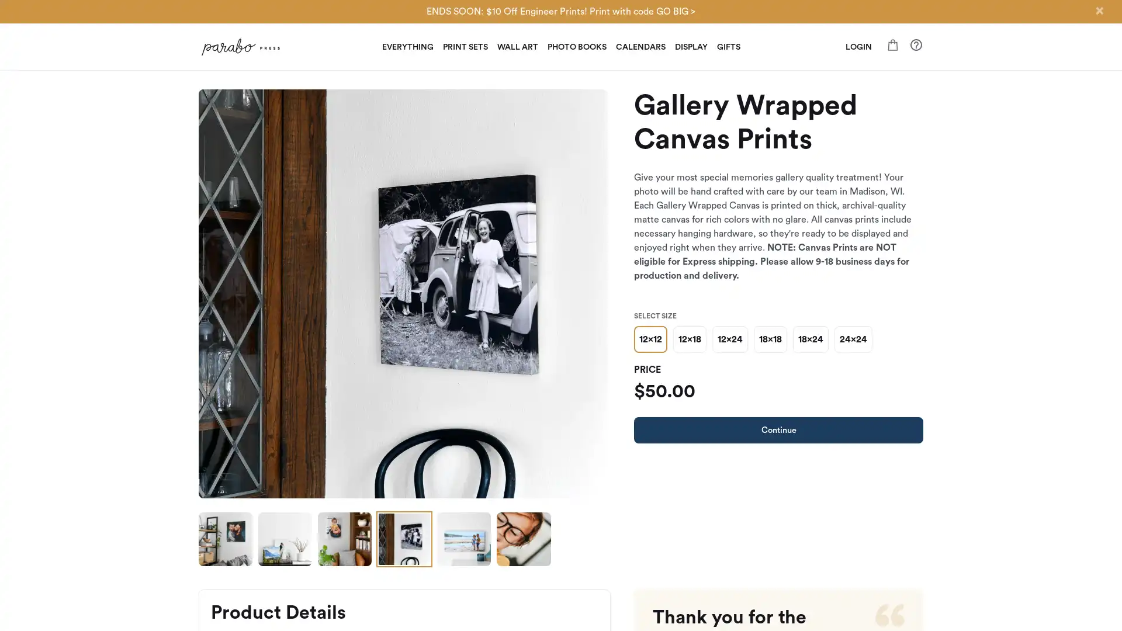 This screenshot has height=631, width=1122. I want to click on subscribe, so click(642, 450).